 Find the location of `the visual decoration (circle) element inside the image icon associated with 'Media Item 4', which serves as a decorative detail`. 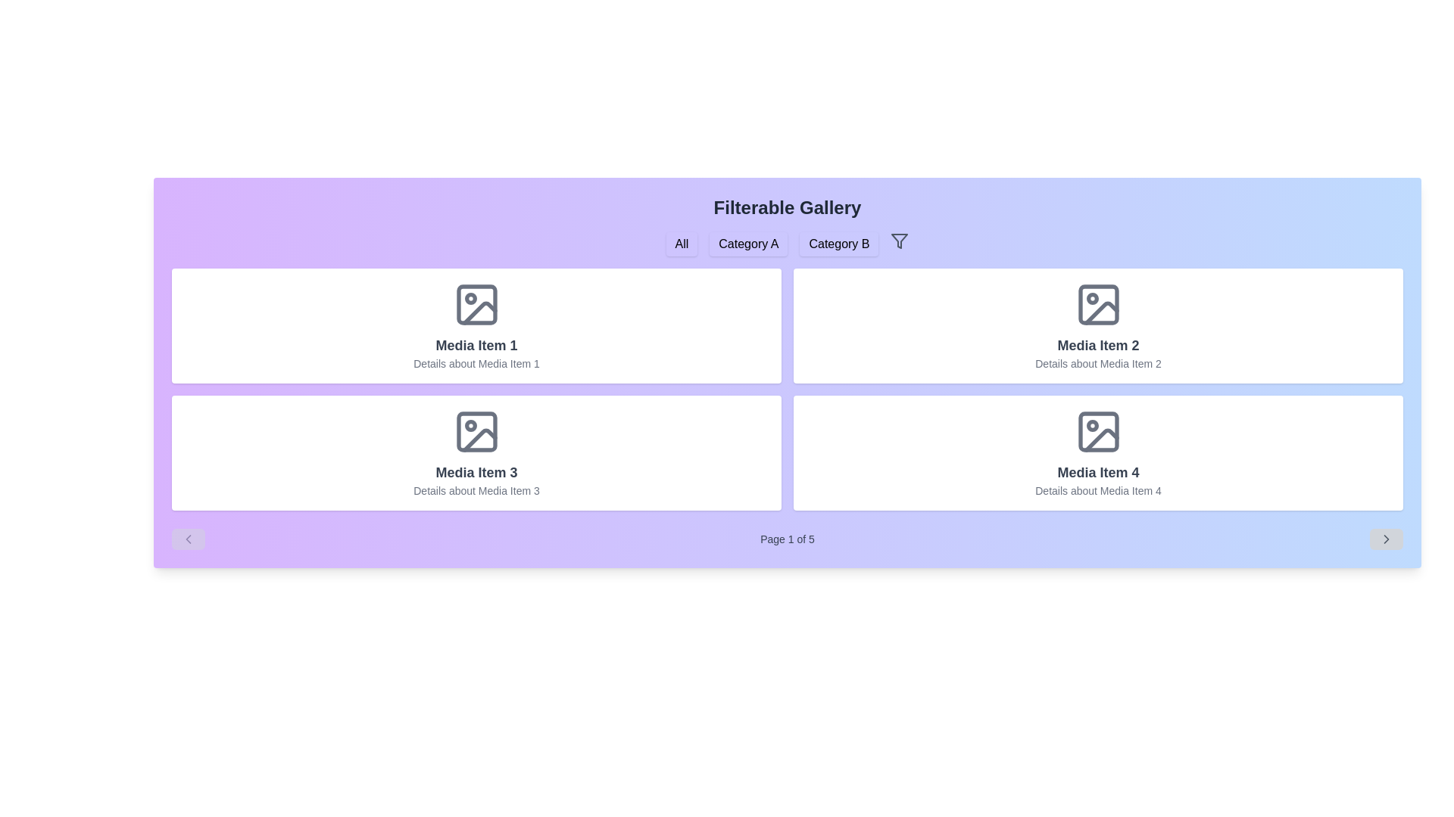

the visual decoration (circle) element inside the image icon associated with 'Media Item 4', which serves as a decorative detail is located at coordinates (1092, 426).